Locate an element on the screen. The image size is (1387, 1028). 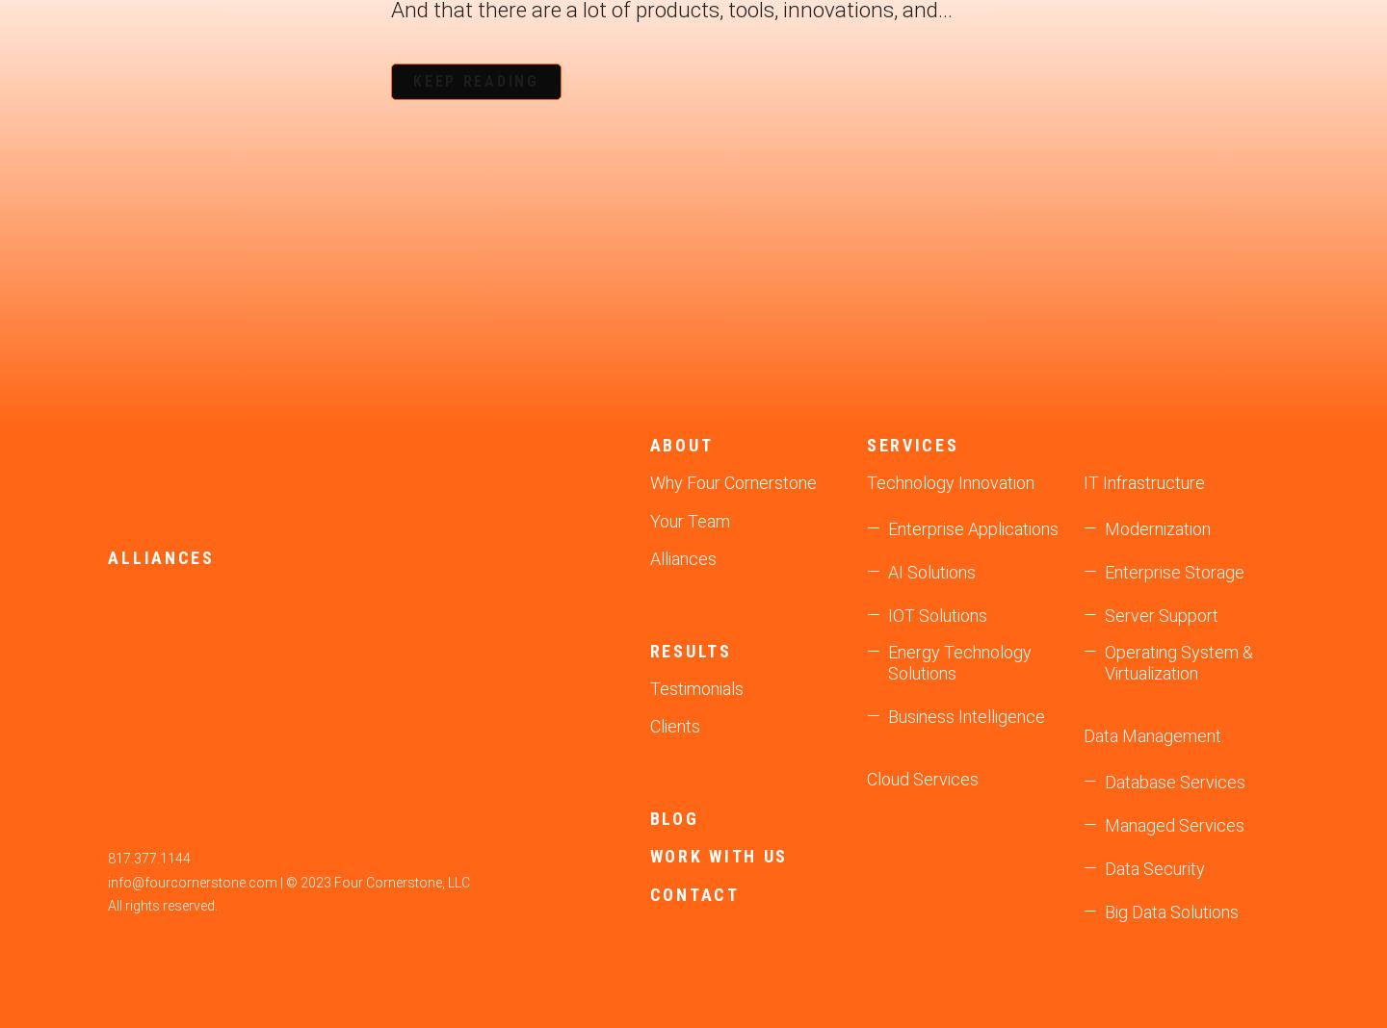
'Contact' is located at coordinates (693, 892).